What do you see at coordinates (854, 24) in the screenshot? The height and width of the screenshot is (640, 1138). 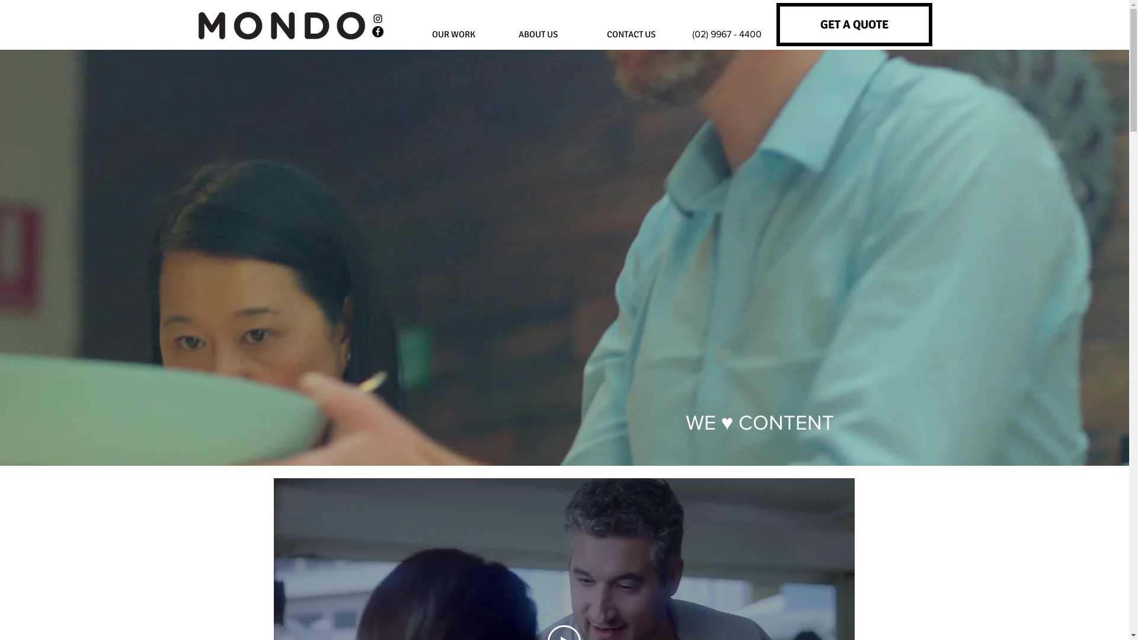 I see `'GET A QUOTE'` at bounding box center [854, 24].